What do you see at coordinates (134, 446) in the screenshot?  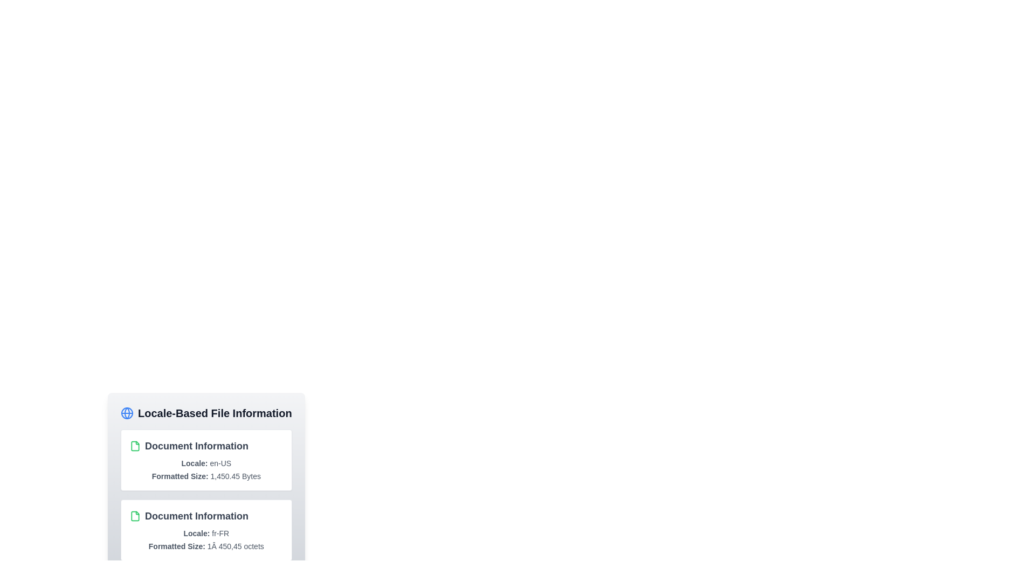 I see `the file icon next to 'Document Information' under the 'Locale-Based File Information' header to understand its representation` at bounding box center [134, 446].